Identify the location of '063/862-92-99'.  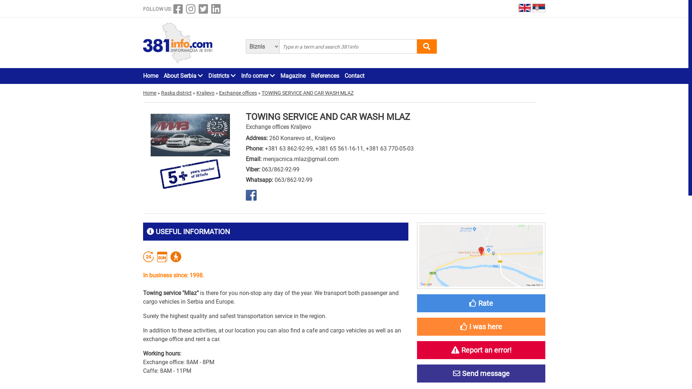
(293, 179).